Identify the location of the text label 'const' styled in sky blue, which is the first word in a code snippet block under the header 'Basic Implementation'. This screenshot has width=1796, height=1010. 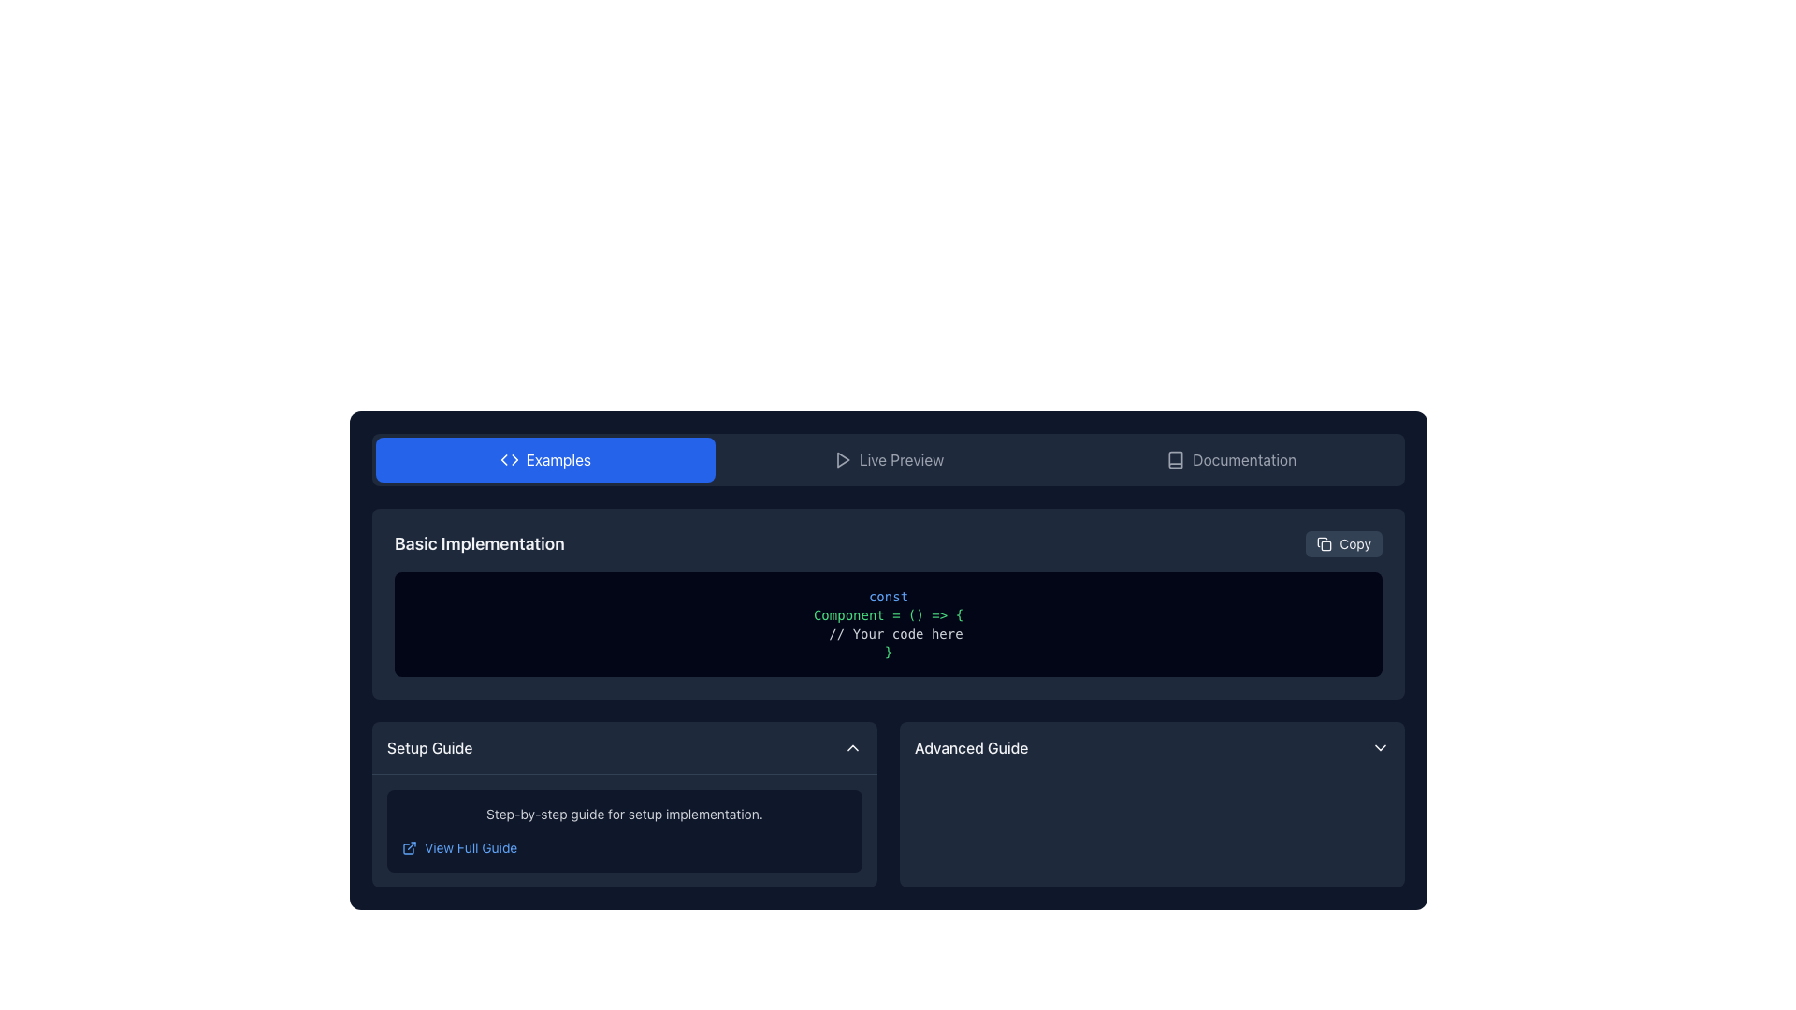
(888, 596).